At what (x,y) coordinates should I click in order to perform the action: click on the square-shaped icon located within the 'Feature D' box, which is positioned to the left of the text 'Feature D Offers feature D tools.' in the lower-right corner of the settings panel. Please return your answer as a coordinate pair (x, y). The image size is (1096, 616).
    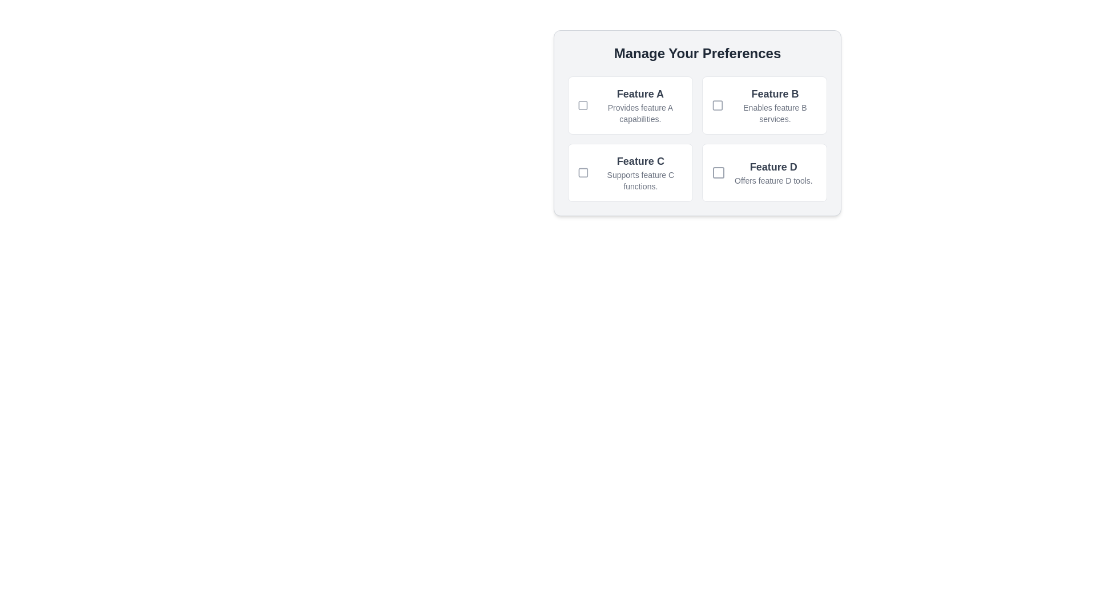
    Looking at the image, I should click on (718, 173).